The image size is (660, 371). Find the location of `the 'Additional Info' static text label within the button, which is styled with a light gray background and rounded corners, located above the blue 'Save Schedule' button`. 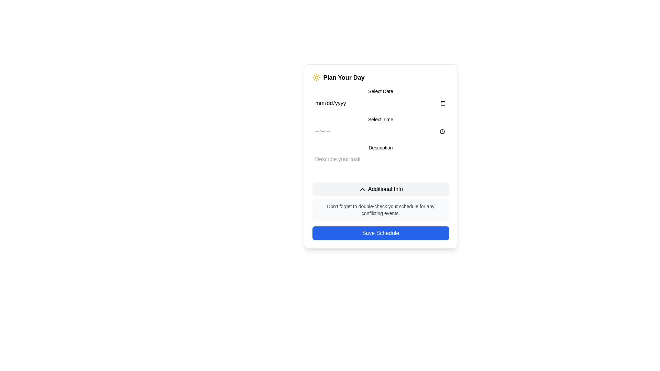

the 'Additional Info' static text label within the button, which is styled with a light gray background and rounded corners, located above the blue 'Save Schedule' button is located at coordinates (385, 189).